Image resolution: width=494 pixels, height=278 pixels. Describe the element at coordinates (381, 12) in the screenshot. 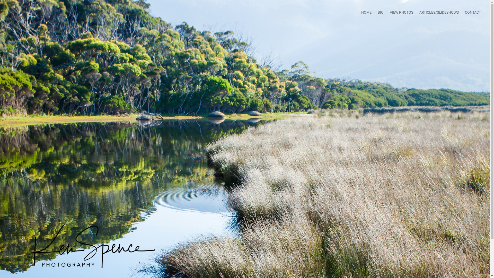

I see `'BIO'` at that location.